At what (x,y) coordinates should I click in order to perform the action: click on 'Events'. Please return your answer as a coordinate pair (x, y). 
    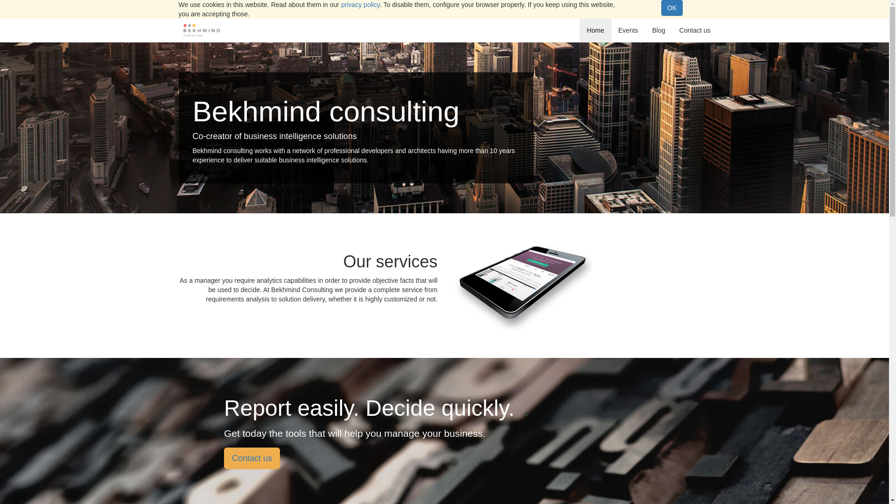
    Looking at the image, I should click on (628, 30).